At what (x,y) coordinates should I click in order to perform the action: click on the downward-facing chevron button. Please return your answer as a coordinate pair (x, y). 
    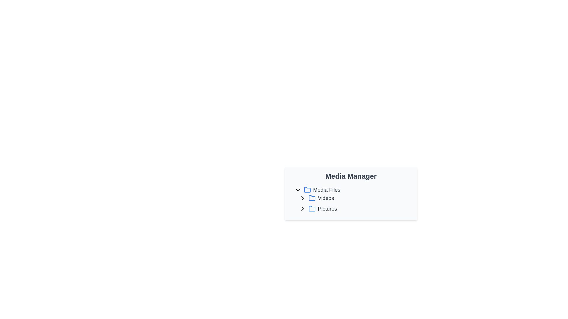
    Looking at the image, I should click on (298, 190).